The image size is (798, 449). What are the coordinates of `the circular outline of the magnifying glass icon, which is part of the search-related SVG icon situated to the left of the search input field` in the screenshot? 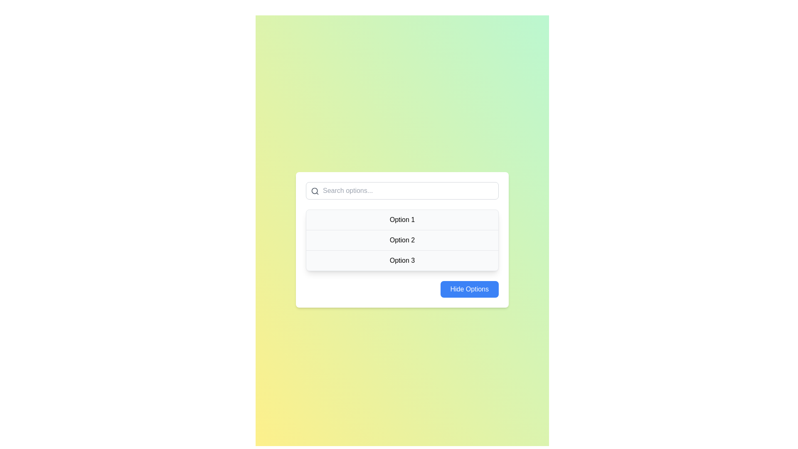 It's located at (314, 191).